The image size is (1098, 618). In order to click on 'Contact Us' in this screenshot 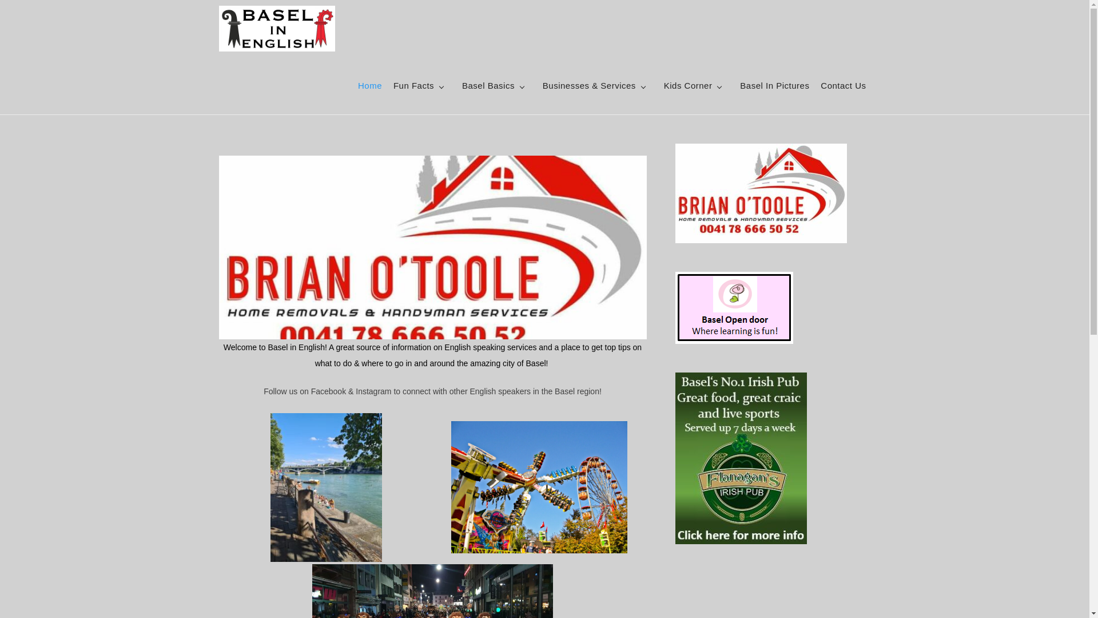, I will do `click(843, 85)`.